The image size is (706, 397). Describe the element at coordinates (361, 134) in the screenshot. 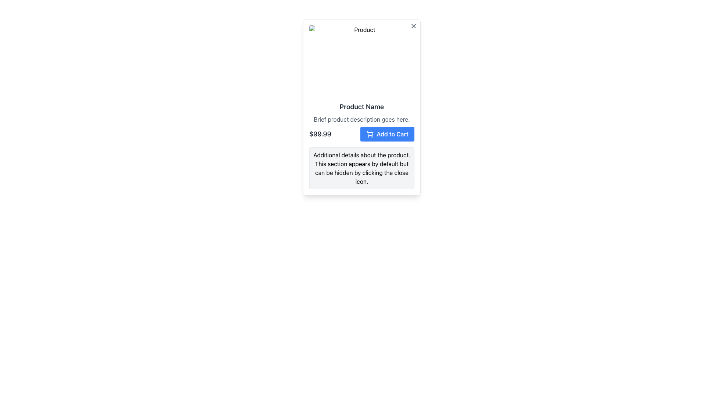

I see `the 'Add to Cart' button with a shopping cart icon, which is styled with white text and rounded corners` at that location.